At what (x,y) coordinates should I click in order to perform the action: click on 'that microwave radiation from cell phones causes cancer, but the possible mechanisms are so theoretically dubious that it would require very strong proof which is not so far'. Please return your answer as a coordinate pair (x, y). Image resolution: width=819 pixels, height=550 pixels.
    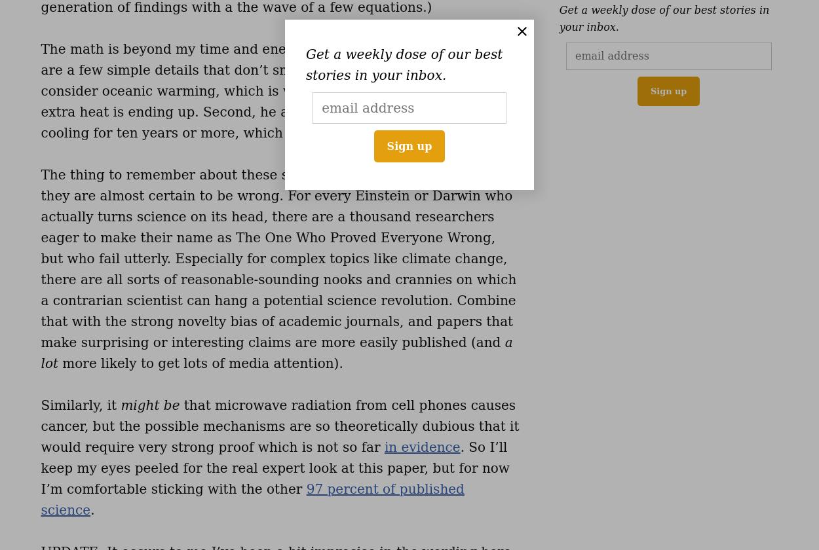
    Looking at the image, I should click on (280, 426).